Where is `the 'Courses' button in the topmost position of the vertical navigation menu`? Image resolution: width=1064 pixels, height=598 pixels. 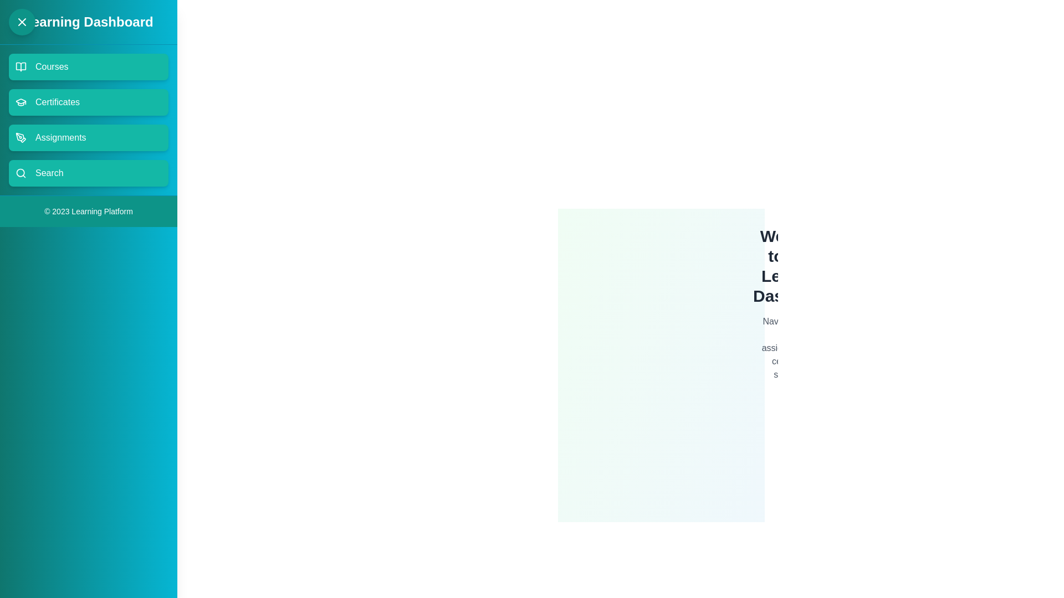
the 'Courses' button in the topmost position of the vertical navigation menu is located at coordinates (51, 66).